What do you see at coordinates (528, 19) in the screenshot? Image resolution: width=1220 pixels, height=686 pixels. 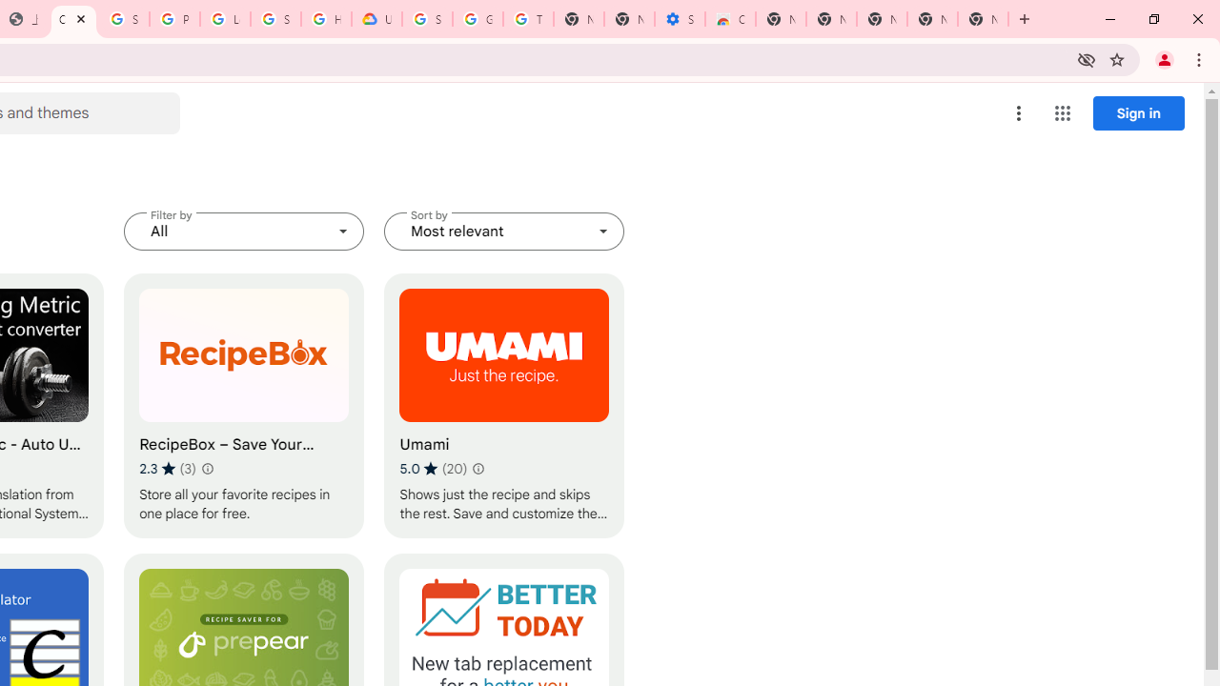 I see `'Turn cookies on or off - Computer - Google Account Help'` at bounding box center [528, 19].